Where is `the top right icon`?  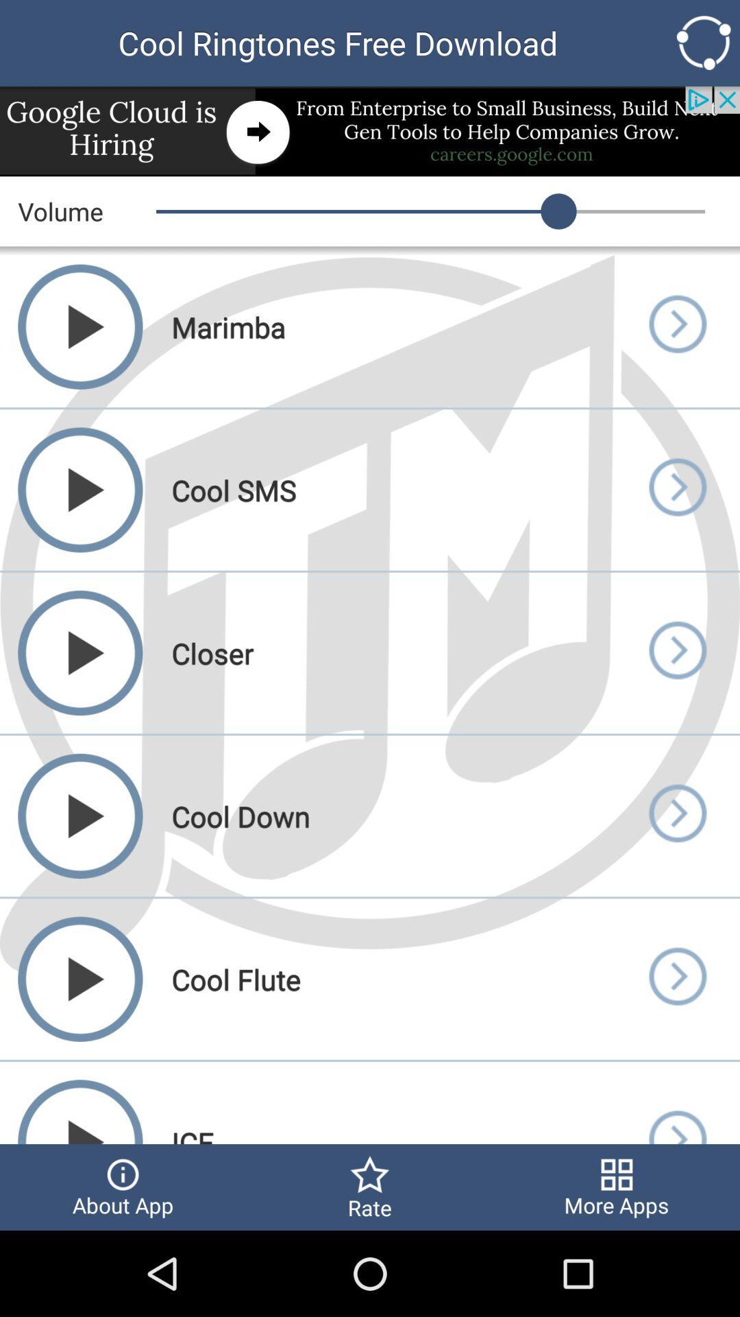
the top right icon is located at coordinates (704, 43).